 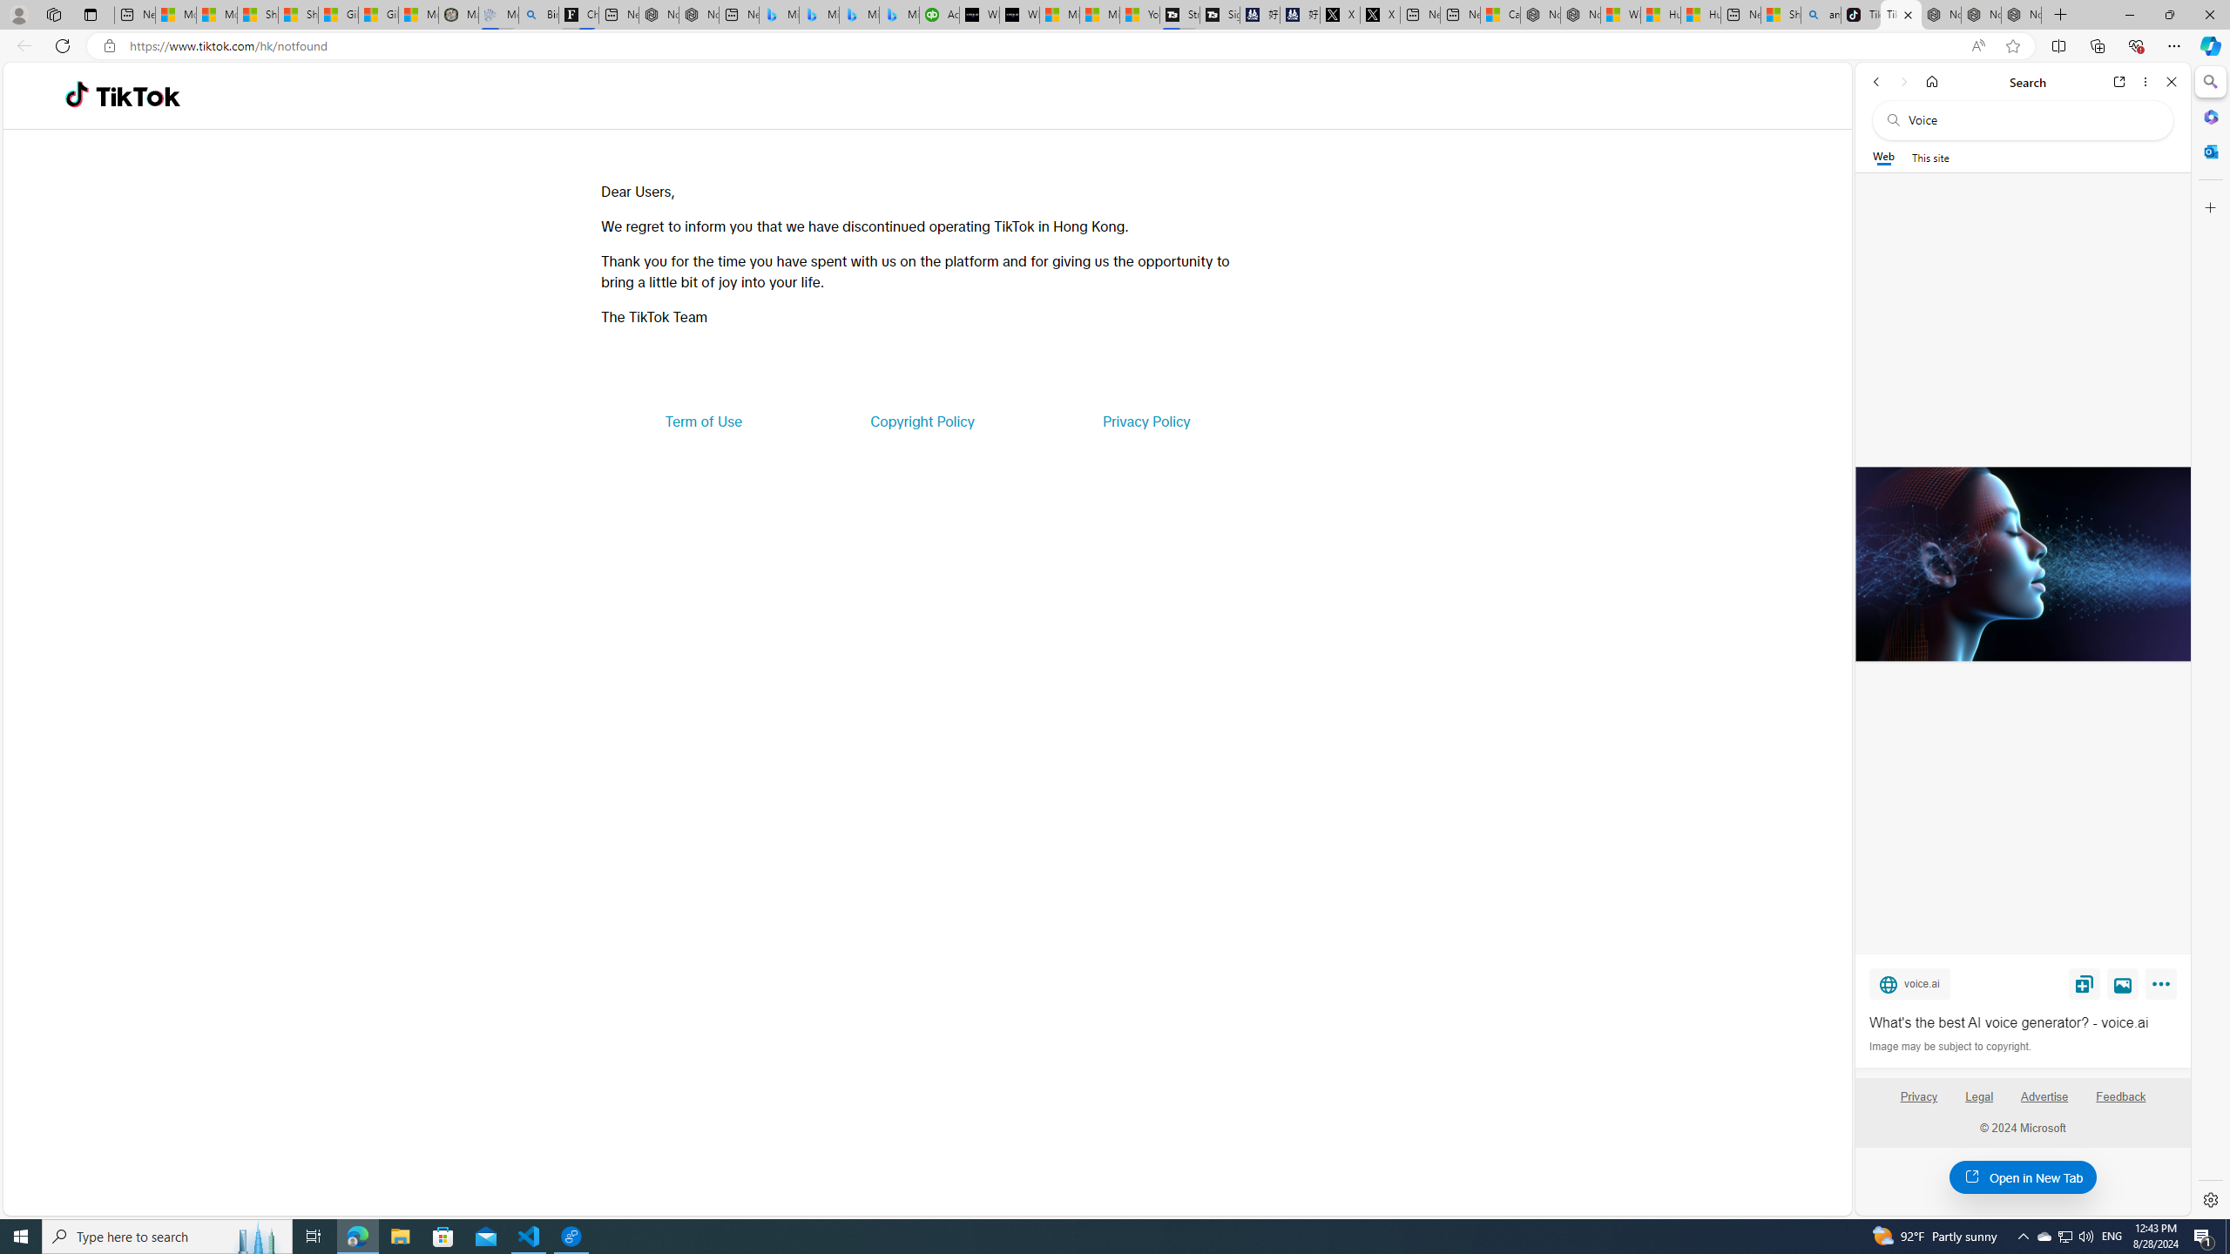 What do you see at coordinates (2020, 14) in the screenshot?
I see `'Nordace - Siena Pro 15 Essential Set'` at bounding box center [2020, 14].